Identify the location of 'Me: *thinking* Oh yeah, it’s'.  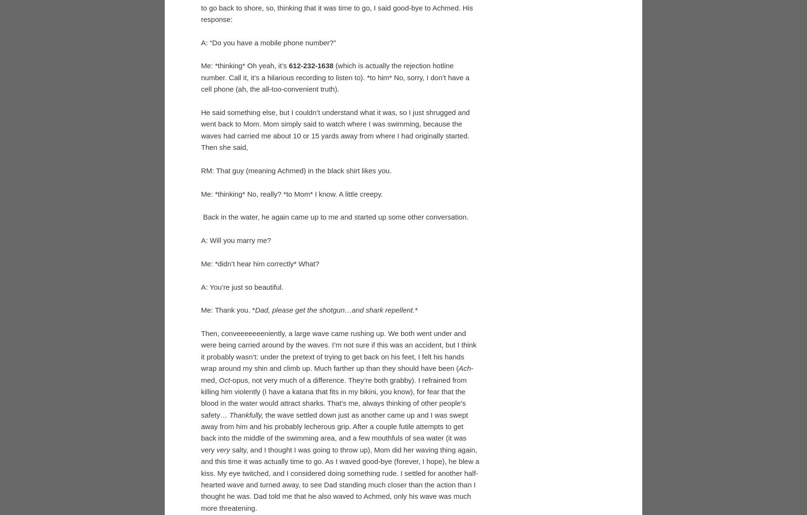
(200, 221).